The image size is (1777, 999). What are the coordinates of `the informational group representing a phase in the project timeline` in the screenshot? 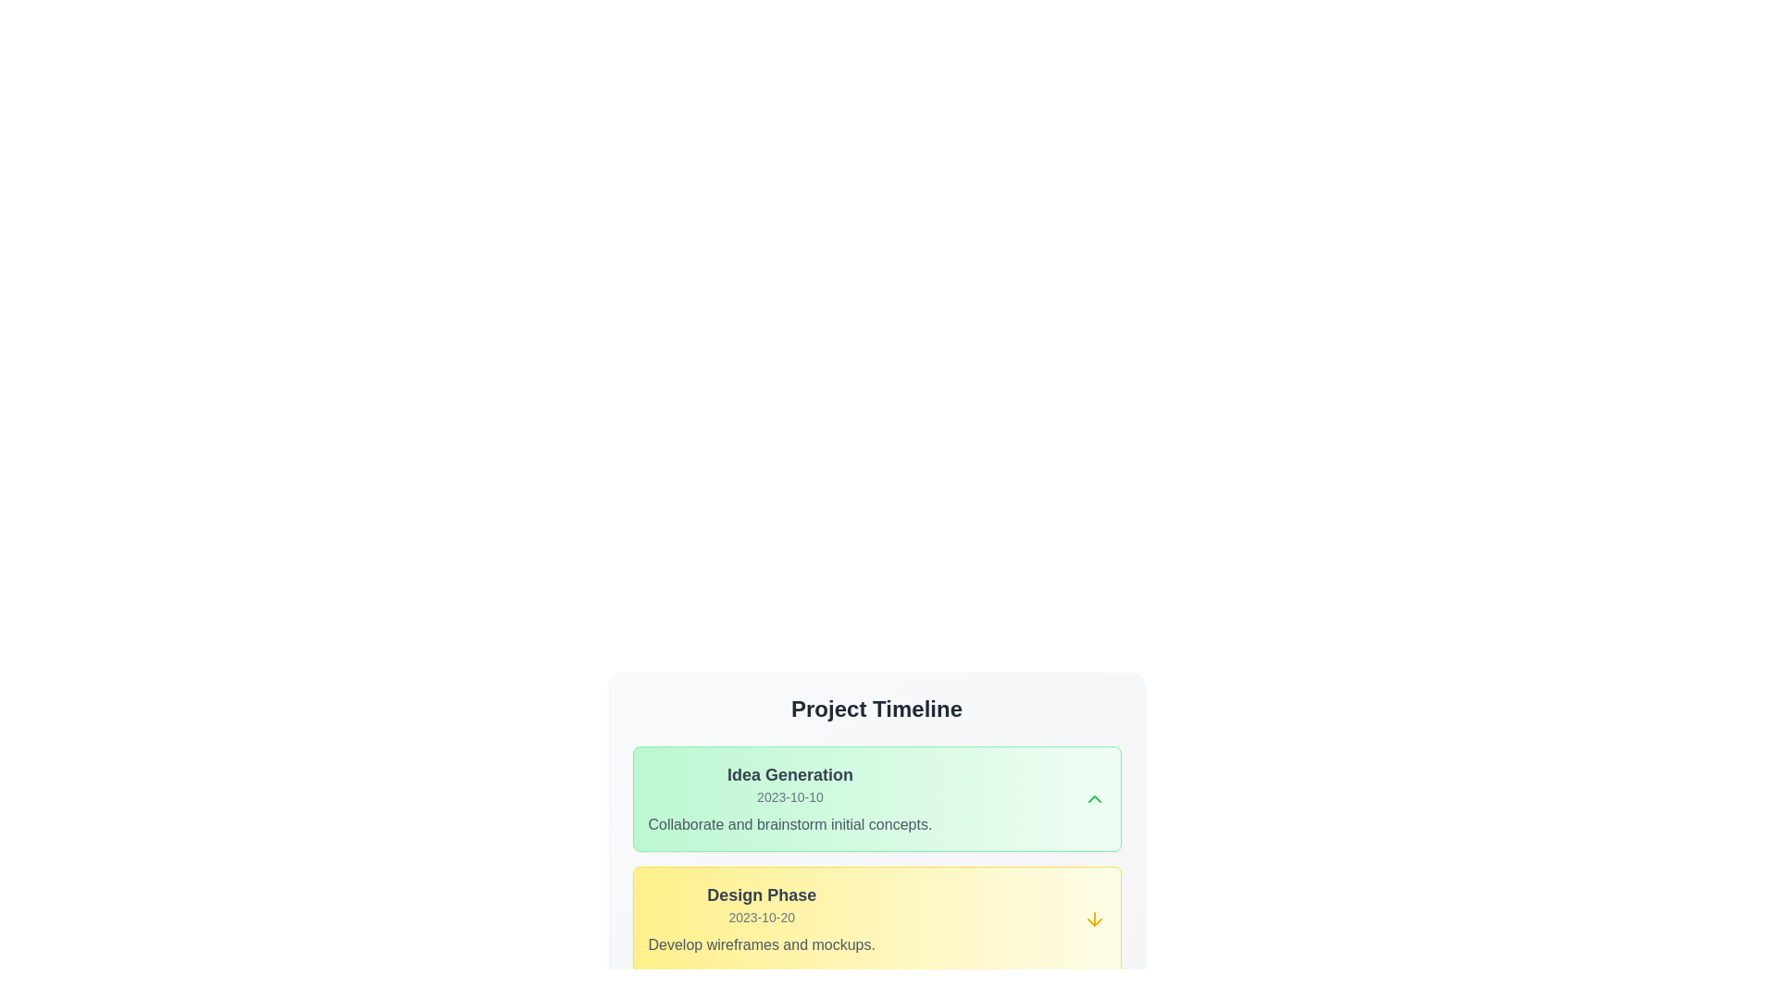 It's located at (762, 919).